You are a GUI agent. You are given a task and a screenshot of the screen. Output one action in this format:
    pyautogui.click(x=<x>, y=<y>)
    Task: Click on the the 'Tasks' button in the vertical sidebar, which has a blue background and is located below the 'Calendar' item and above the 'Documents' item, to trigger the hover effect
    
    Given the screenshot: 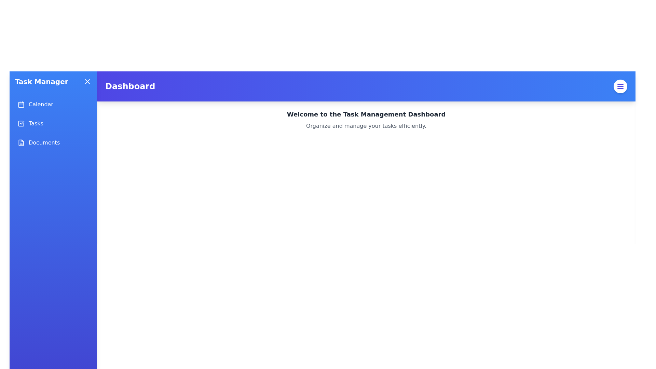 What is the action you would take?
    pyautogui.click(x=53, y=124)
    